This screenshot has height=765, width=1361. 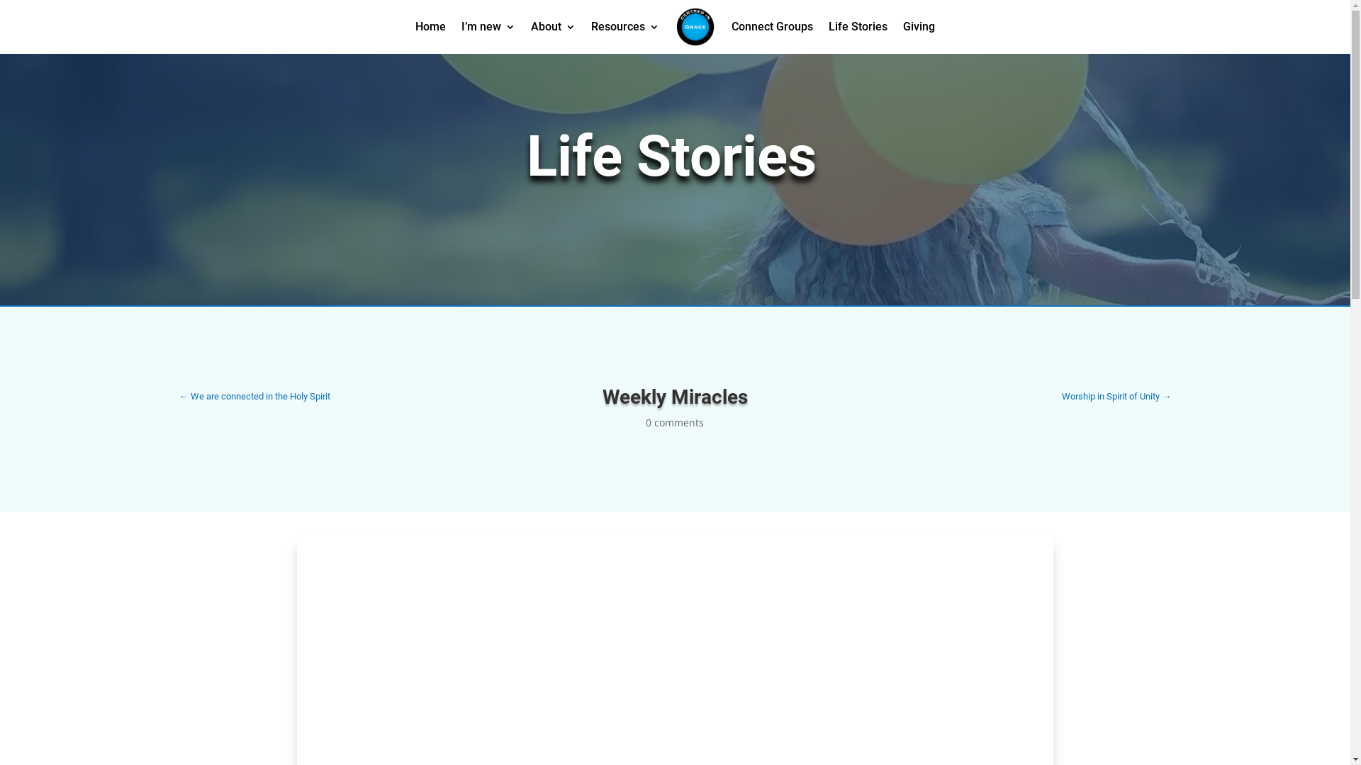 What do you see at coordinates (430, 27) in the screenshot?
I see `'Home'` at bounding box center [430, 27].